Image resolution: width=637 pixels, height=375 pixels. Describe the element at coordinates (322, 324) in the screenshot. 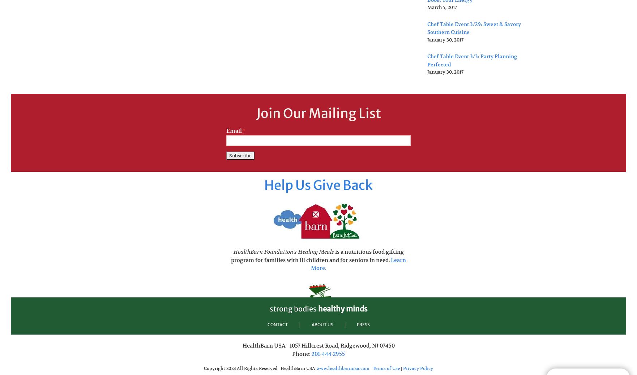

I see `'ABOUT US'` at that location.